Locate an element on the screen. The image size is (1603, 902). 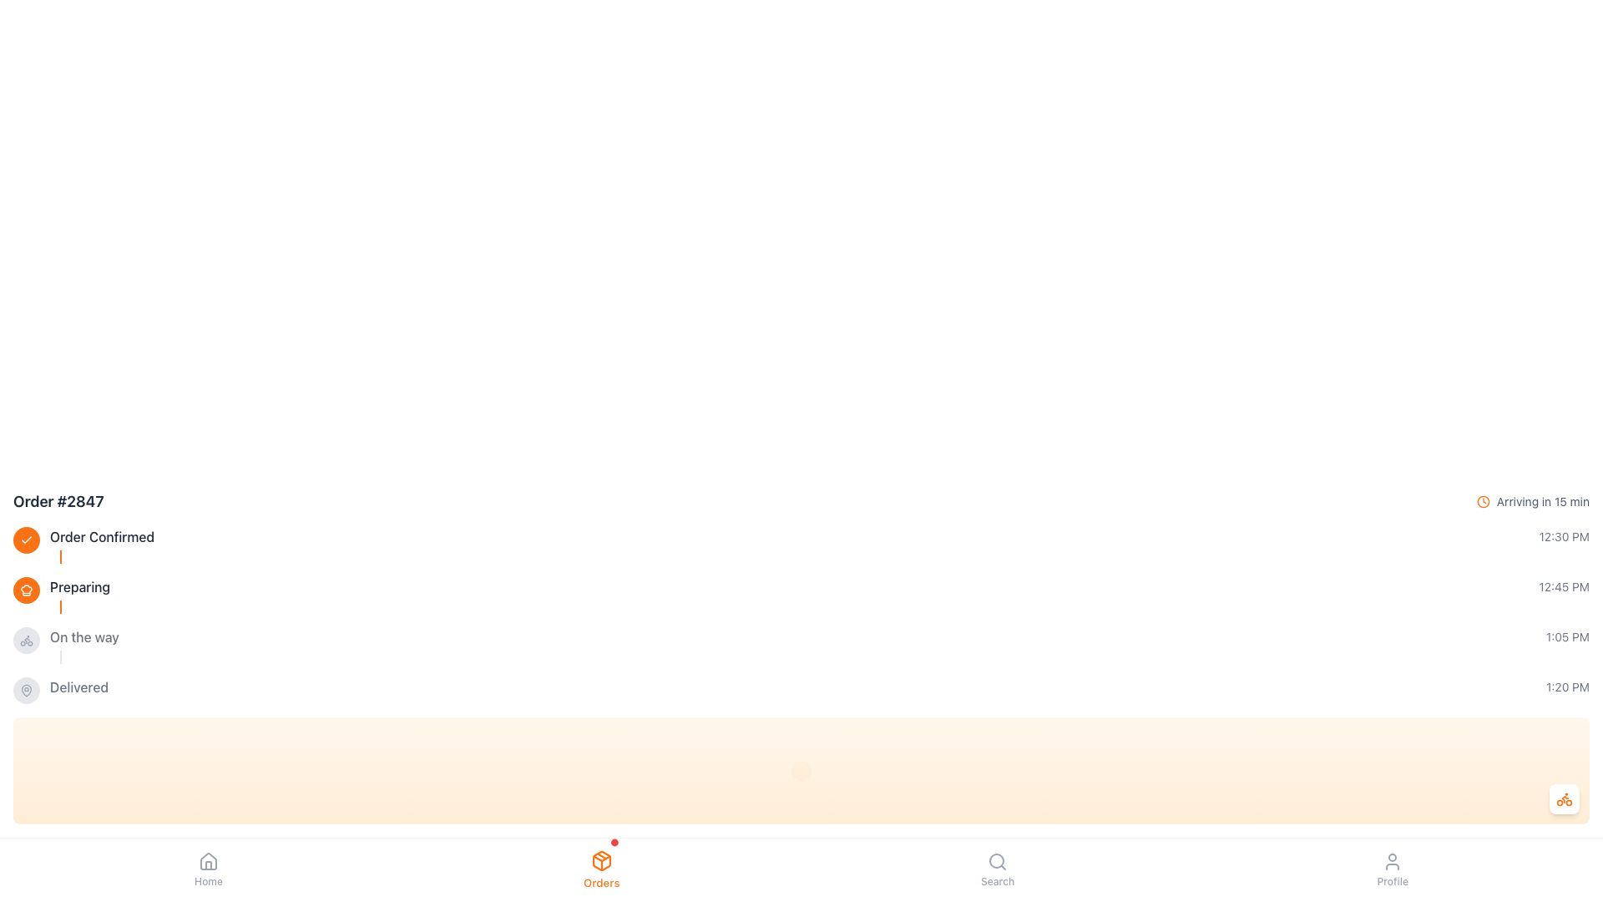
the chef hat icon in the lower navigation bar, which features a minimalistic vector graphic with smooth curves and rounded edges is located at coordinates (27, 589).